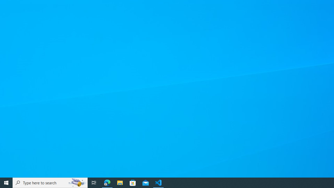 The height and width of the screenshot is (188, 334). I want to click on 'Type here to search', so click(50, 182).